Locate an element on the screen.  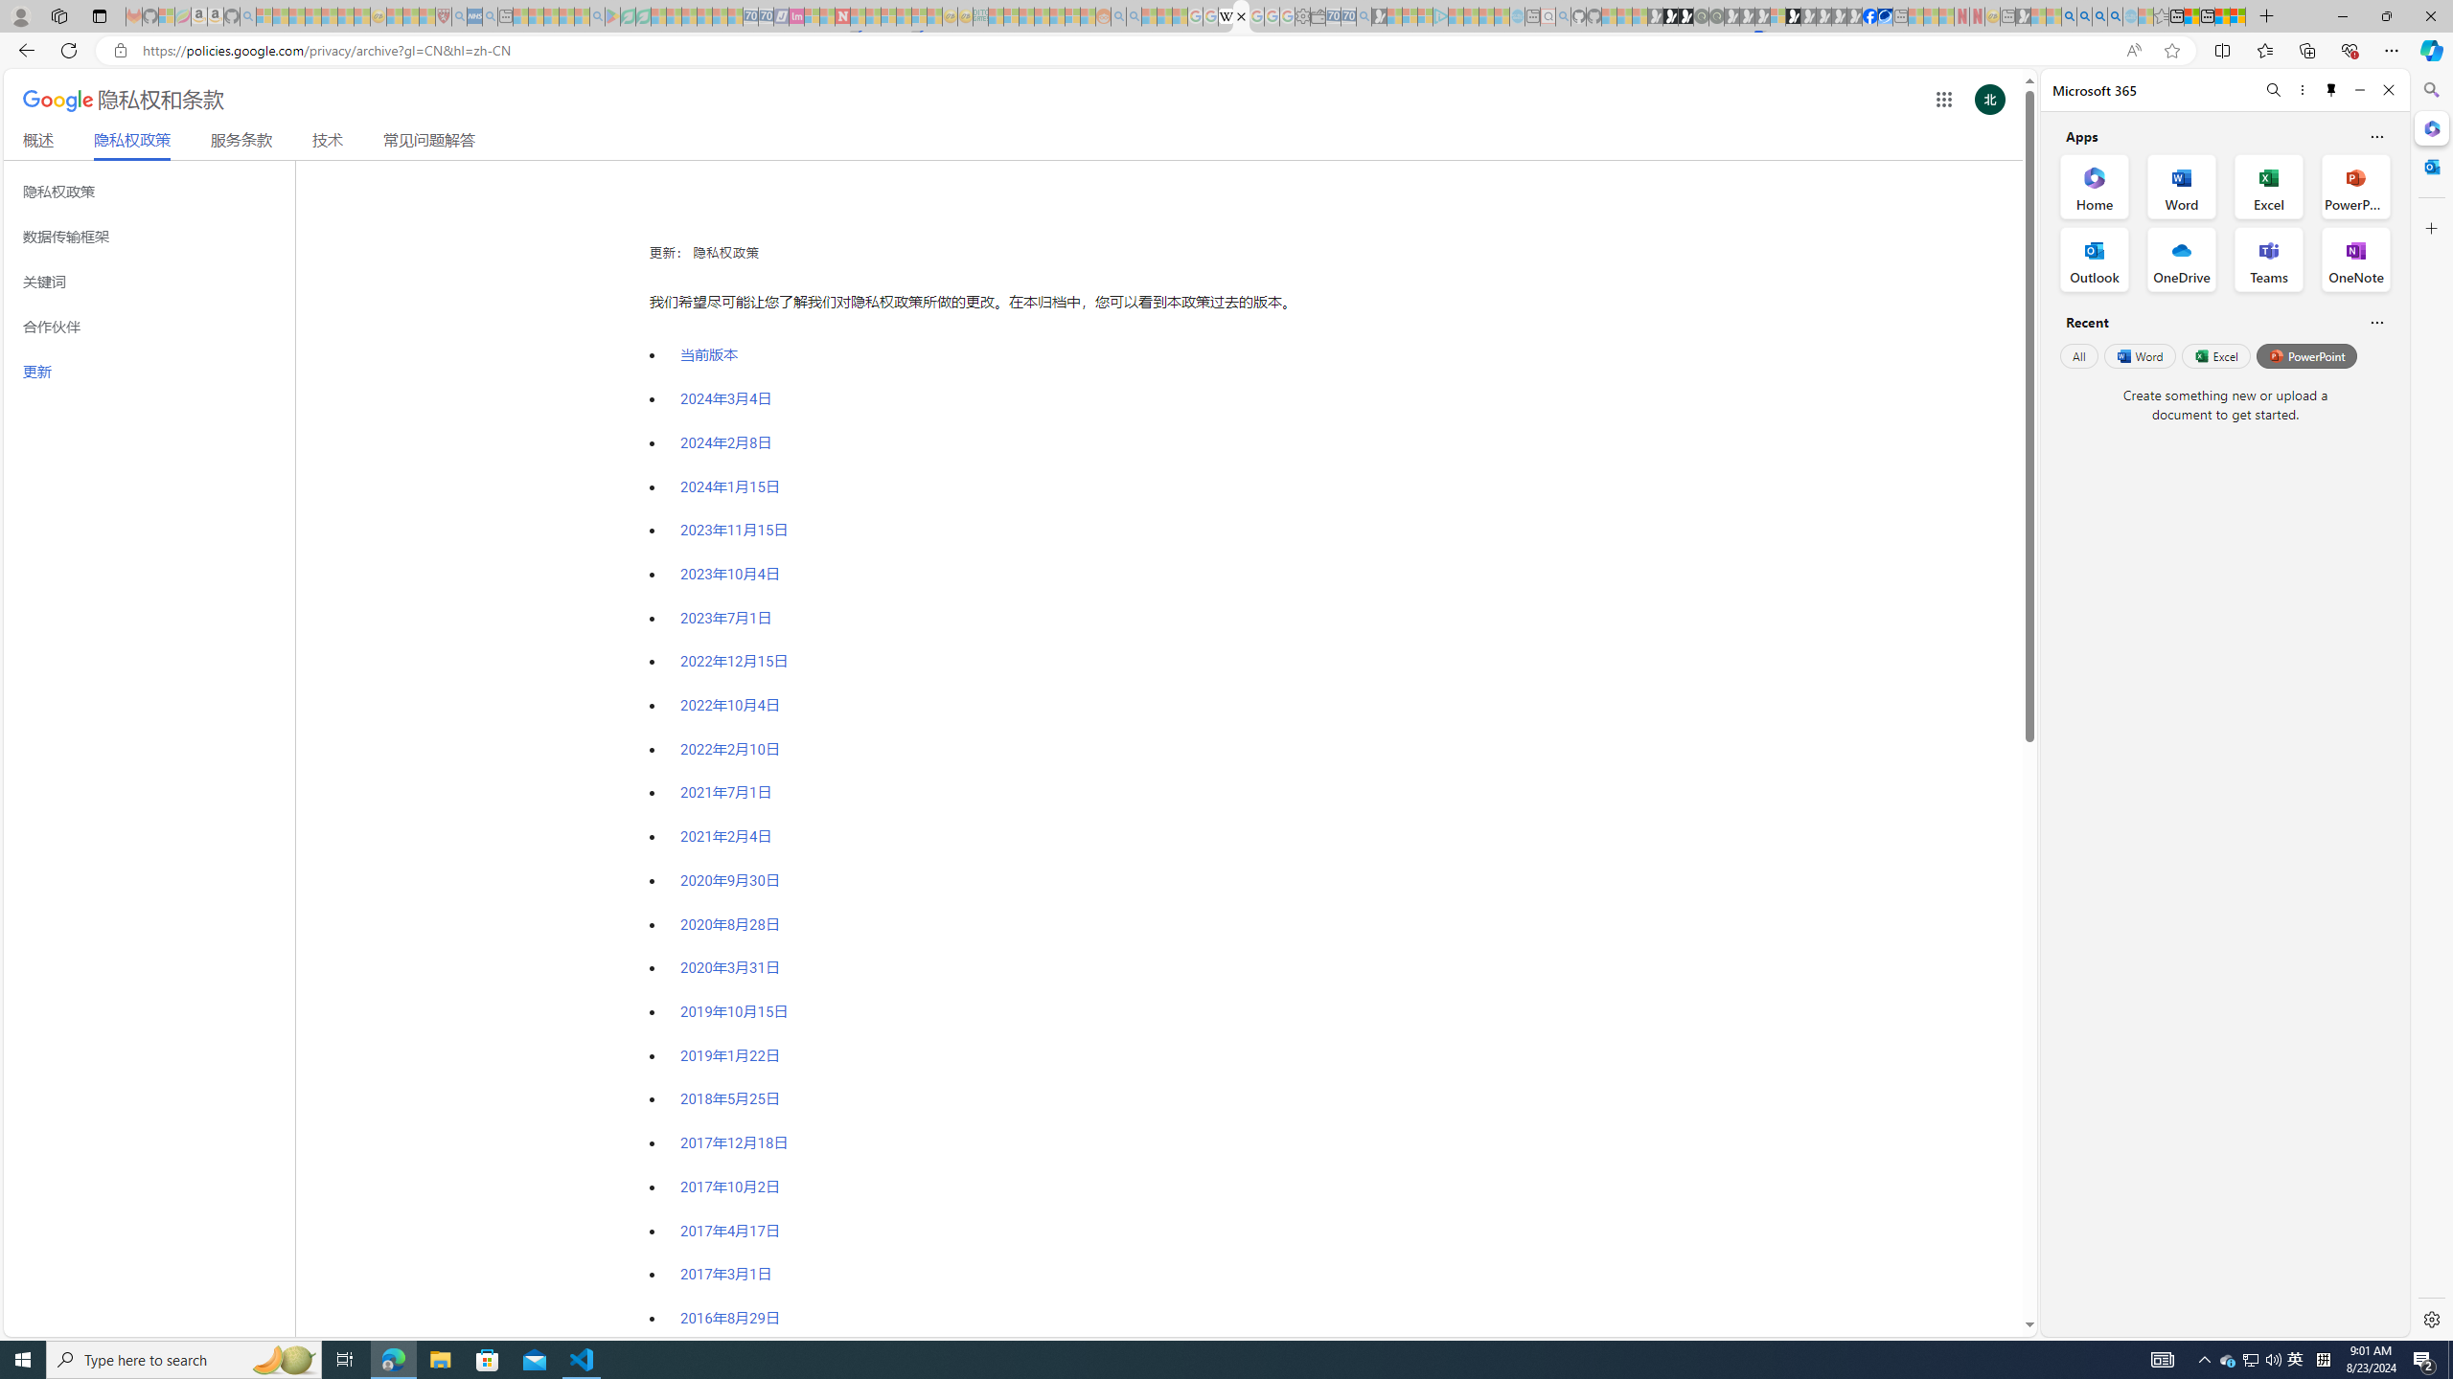
'Excel' is located at coordinates (2214, 355).